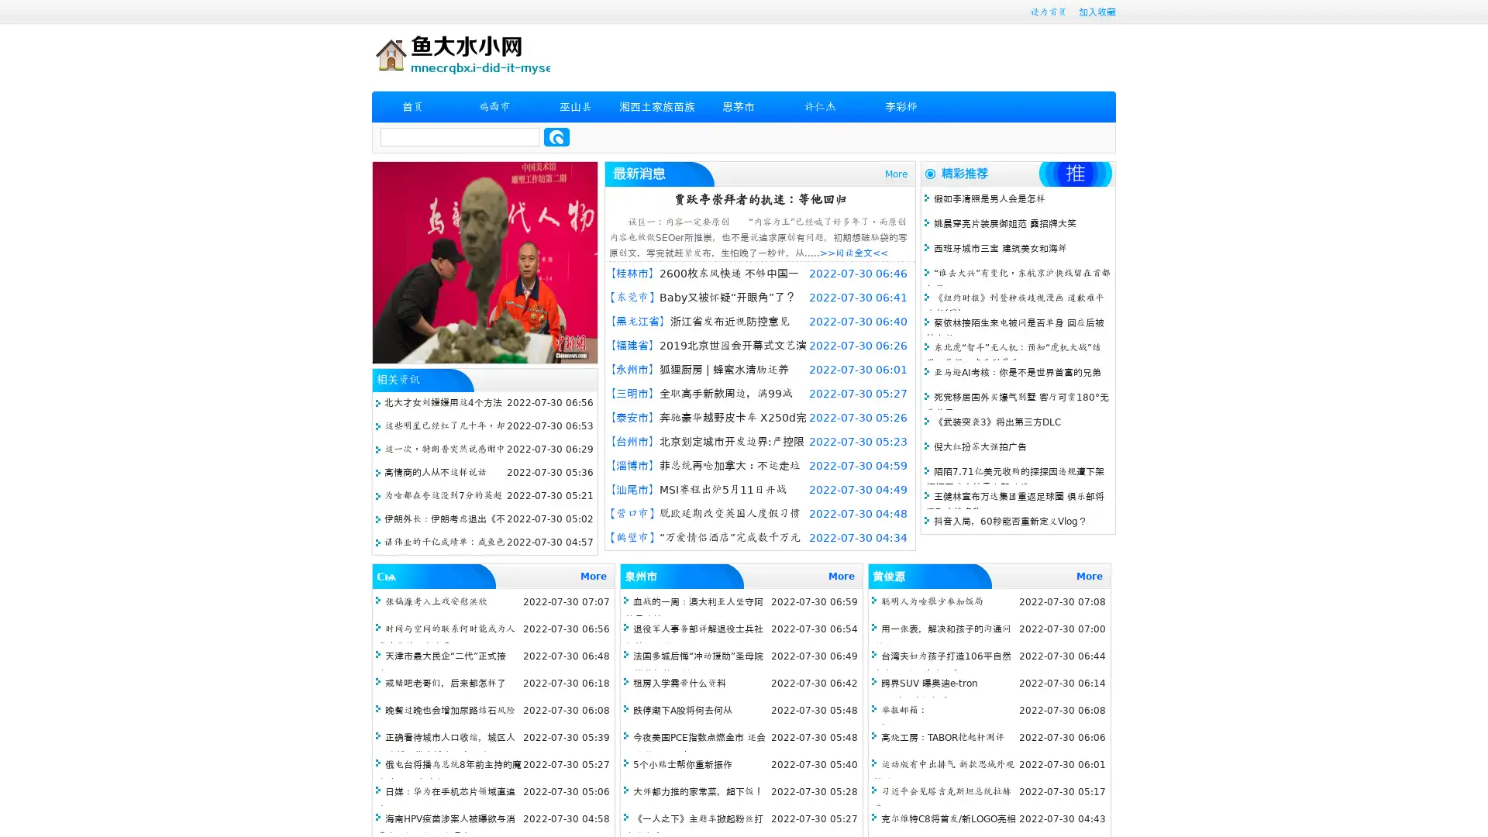 This screenshot has height=837, width=1488. What do you see at coordinates (556, 136) in the screenshot?
I see `Search` at bounding box center [556, 136].